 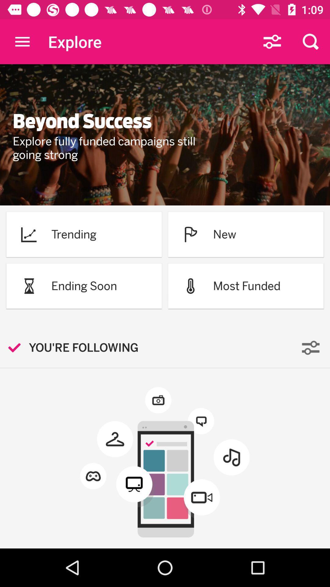 I want to click on icon to the left of the new, so click(x=190, y=234).